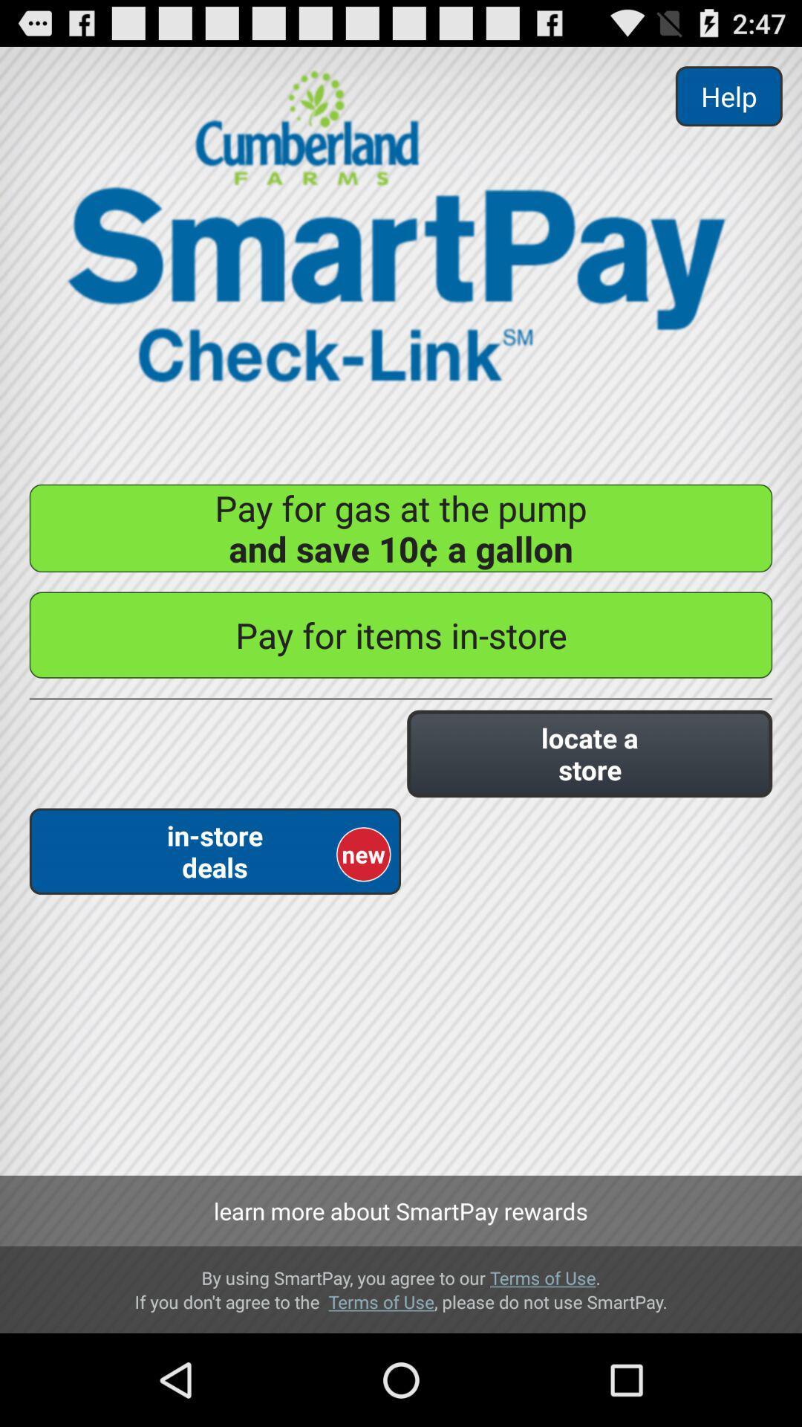 This screenshot has height=1427, width=802. Describe the element at coordinates (589, 754) in the screenshot. I see `the locate a` at that location.